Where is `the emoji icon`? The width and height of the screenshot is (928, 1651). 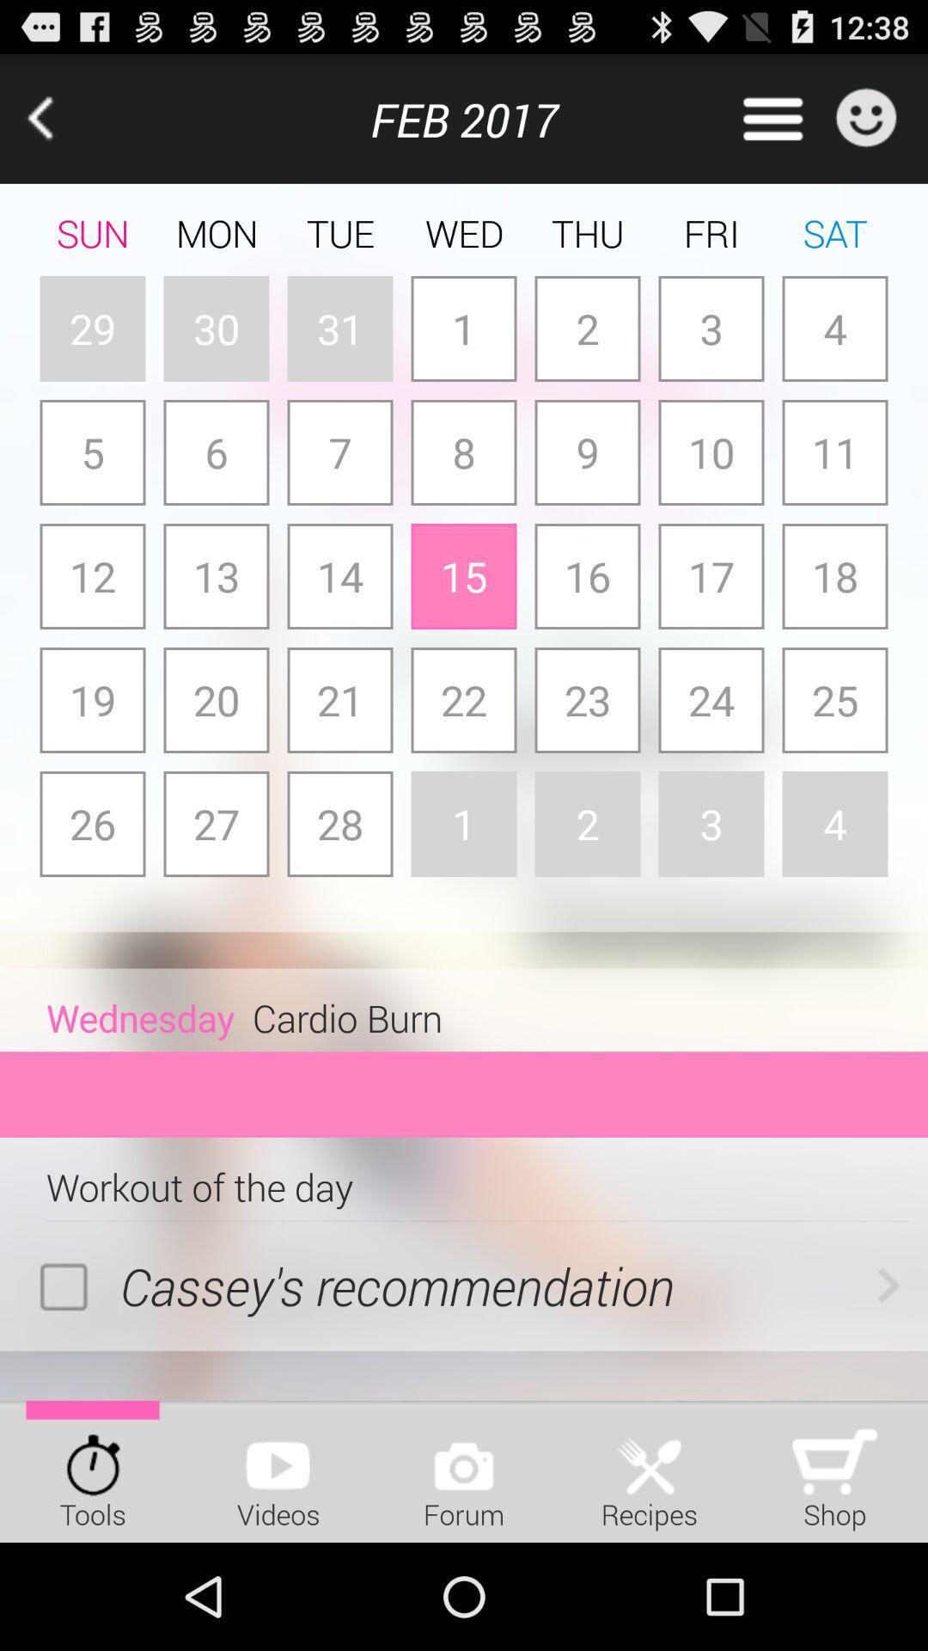
the emoji icon is located at coordinates (865, 126).